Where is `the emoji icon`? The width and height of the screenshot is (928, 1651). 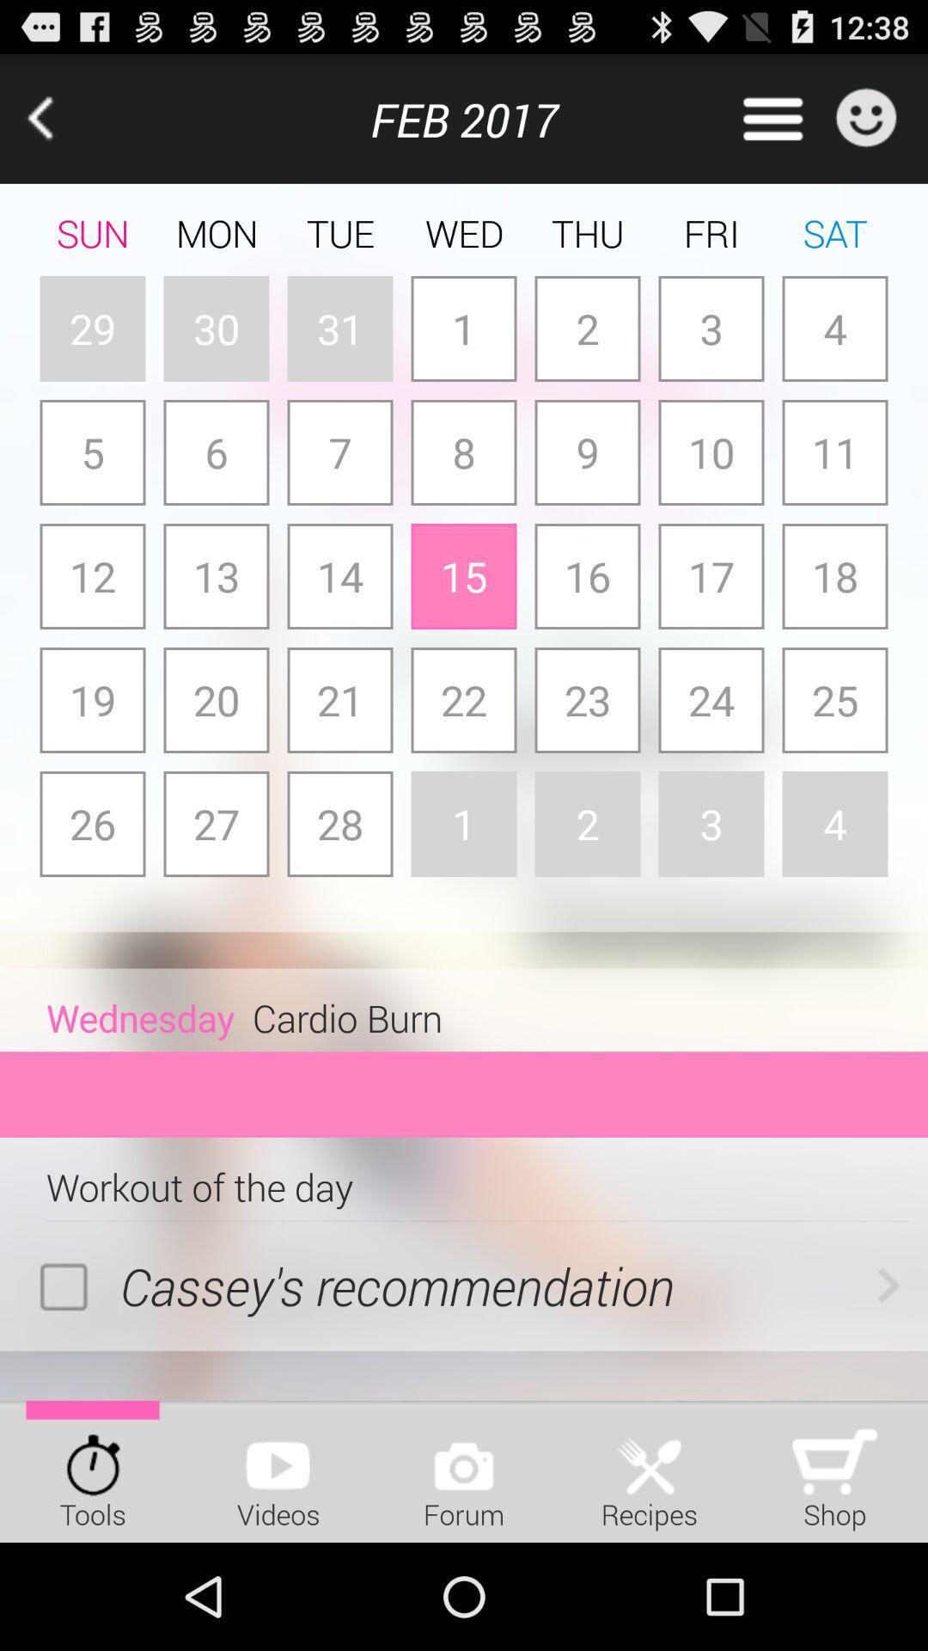
the emoji icon is located at coordinates (865, 126).